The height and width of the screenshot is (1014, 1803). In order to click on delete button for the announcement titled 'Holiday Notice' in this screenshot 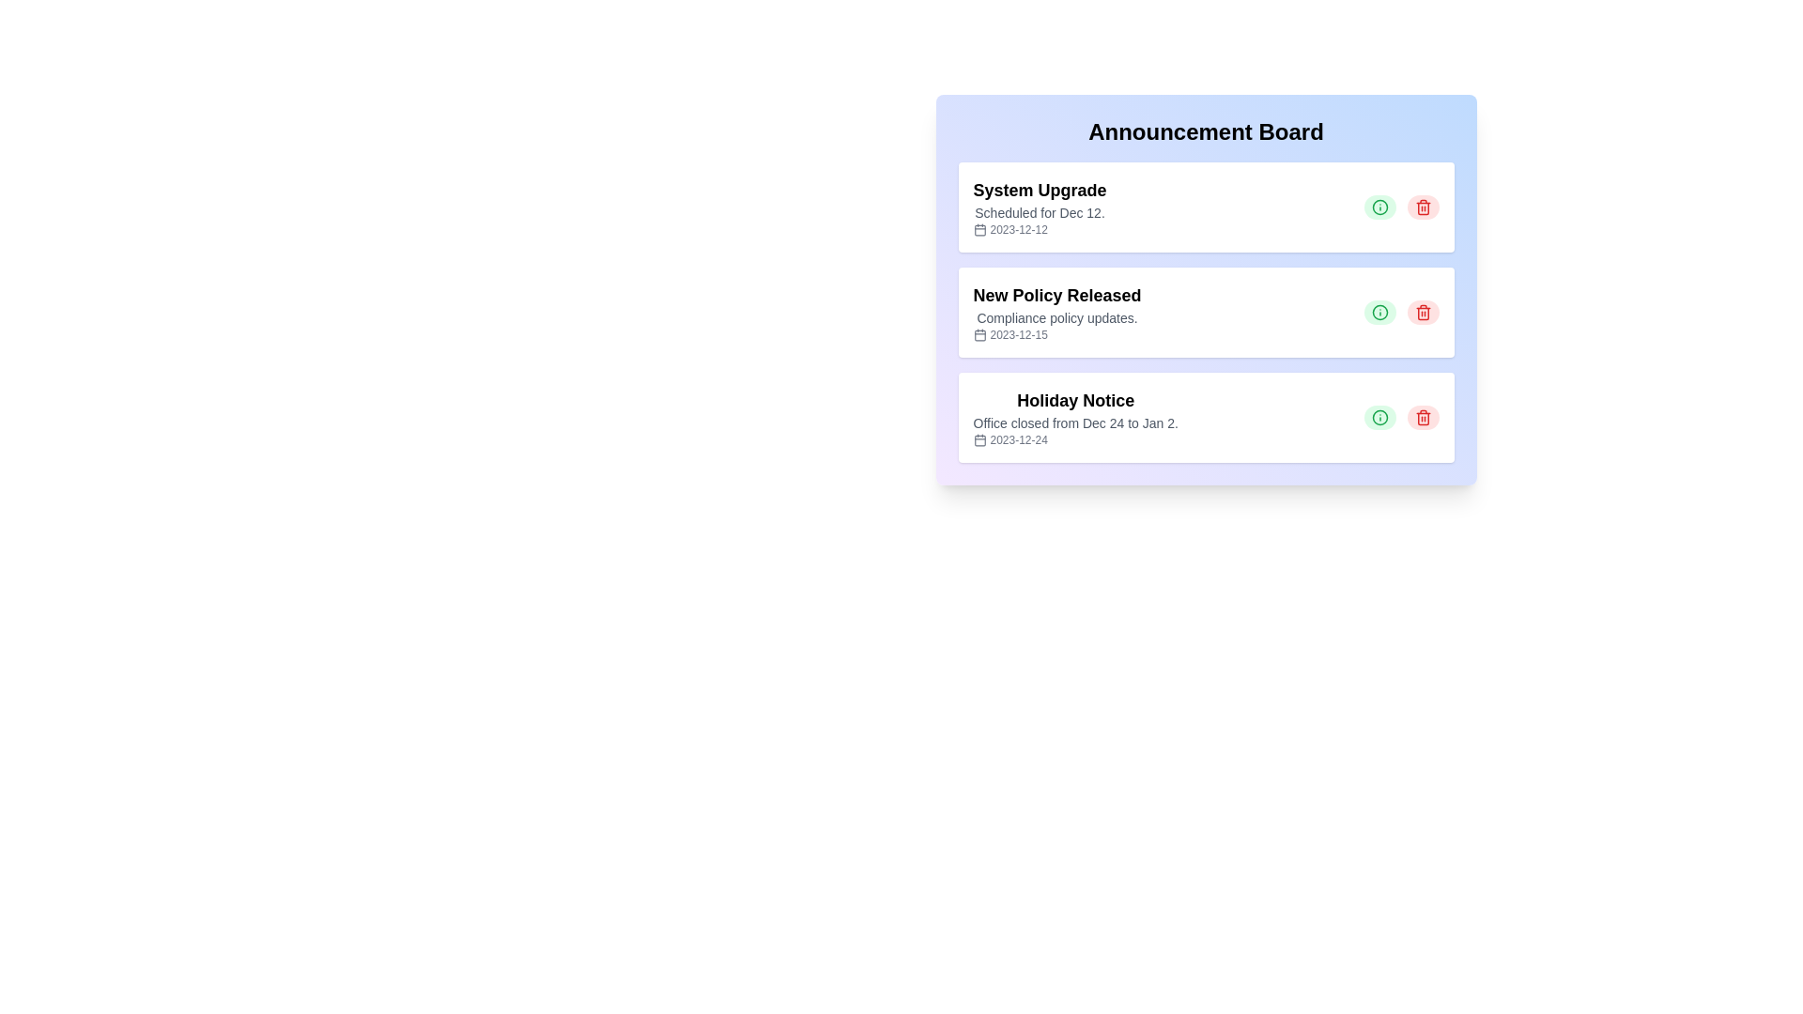, I will do `click(1423, 416)`.